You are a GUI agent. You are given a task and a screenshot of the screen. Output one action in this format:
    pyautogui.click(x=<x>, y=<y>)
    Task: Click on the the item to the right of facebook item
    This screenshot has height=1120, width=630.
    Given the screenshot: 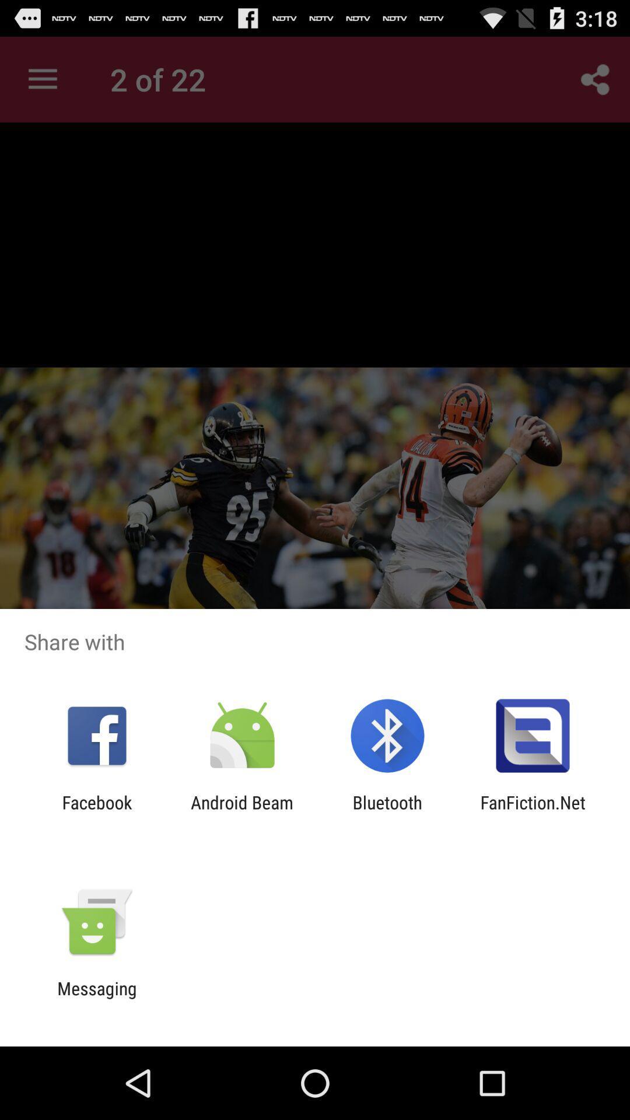 What is the action you would take?
    pyautogui.click(x=242, y=812)
    